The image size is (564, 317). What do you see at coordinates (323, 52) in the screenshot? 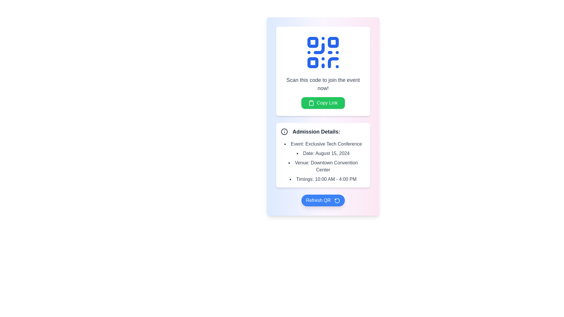
I see `the QR code icon, which is styled with a blue color and positioned at the top center of a card-like section with a light pink and blue gradient background` at bounding box center [323, 52].